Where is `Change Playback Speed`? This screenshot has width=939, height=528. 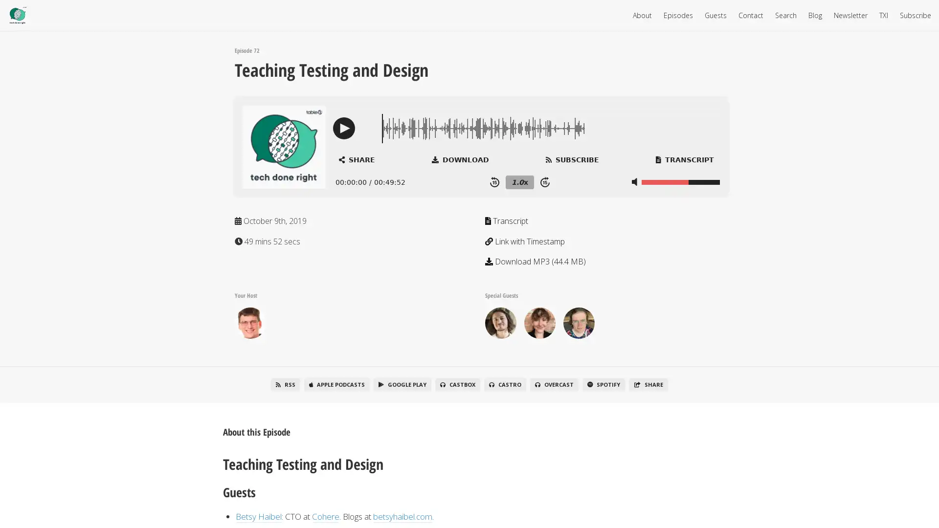 Change Playback Speed is located at coordinates (519, 181).